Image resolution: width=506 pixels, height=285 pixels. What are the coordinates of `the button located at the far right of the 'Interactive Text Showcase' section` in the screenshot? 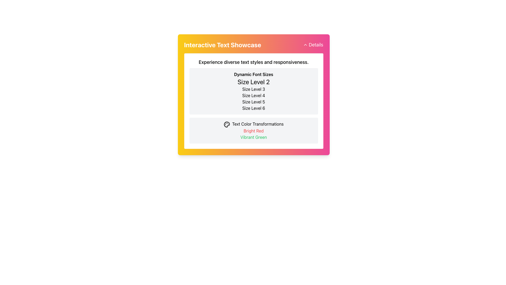 It's located at (313, 44).